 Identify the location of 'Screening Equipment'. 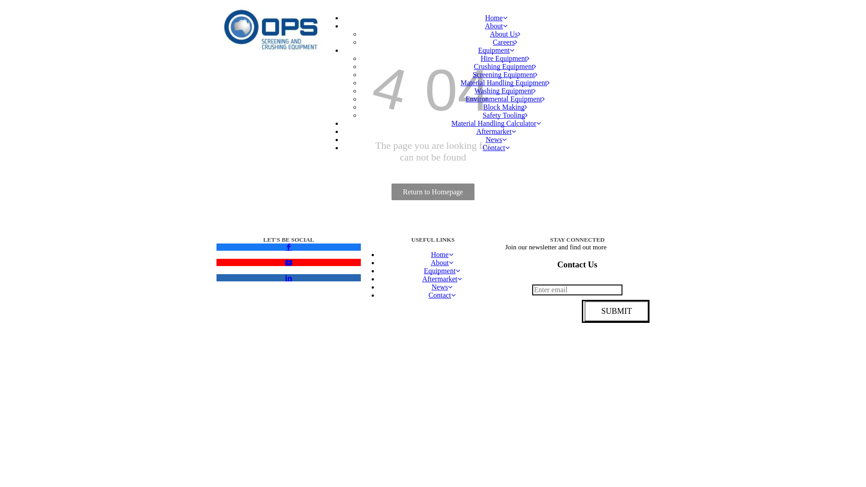
(504, 74).